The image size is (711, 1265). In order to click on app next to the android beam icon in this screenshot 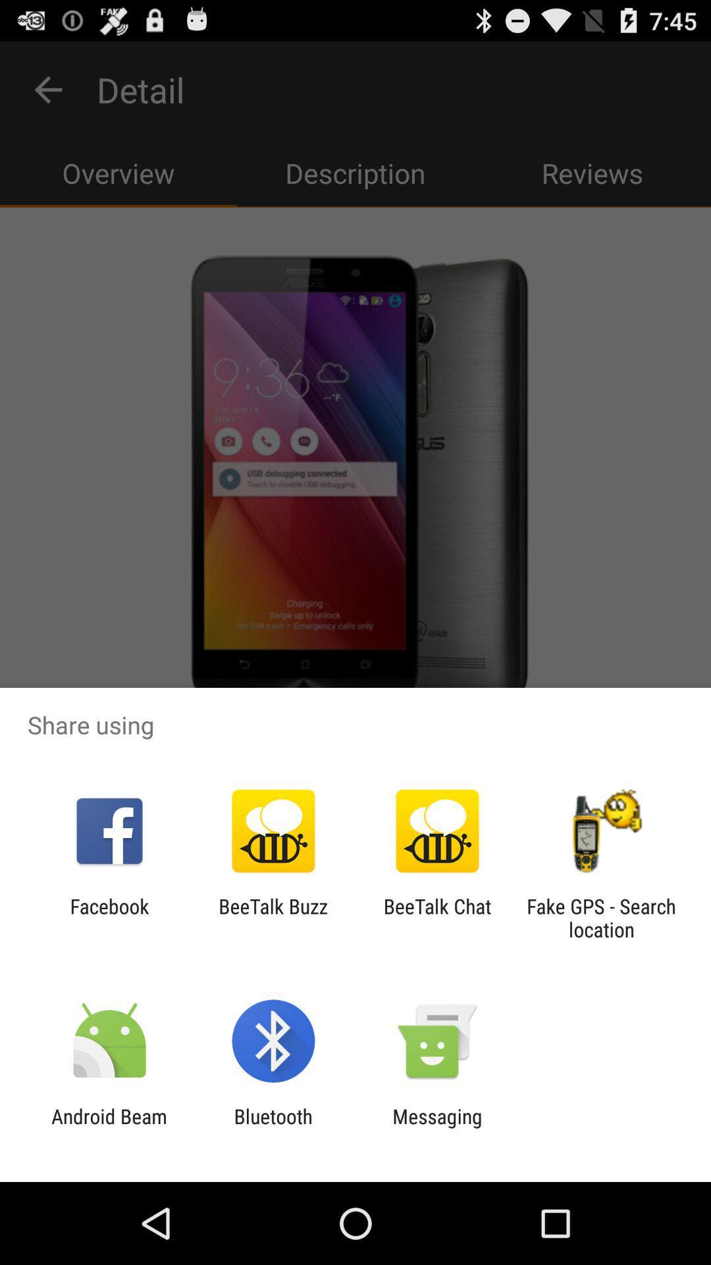, I will do `click(273, 1127)`.